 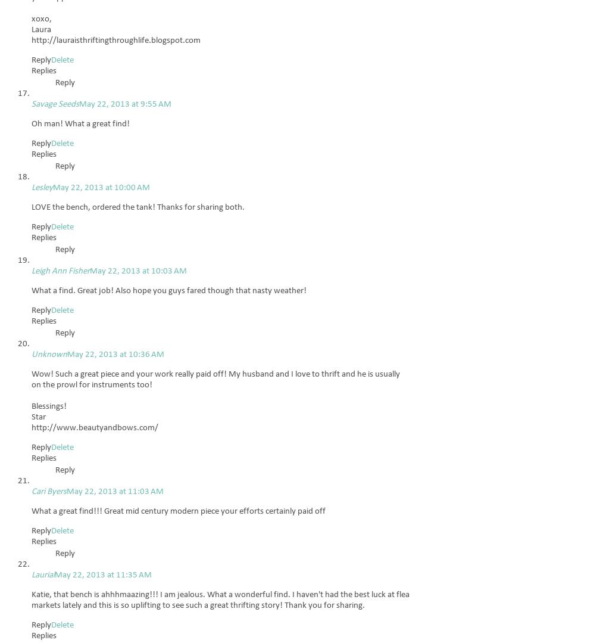 What do you see at coordinates (48, 406) in the screenshot?
I see `'Blessings!'` at bounding box center [48, 406].